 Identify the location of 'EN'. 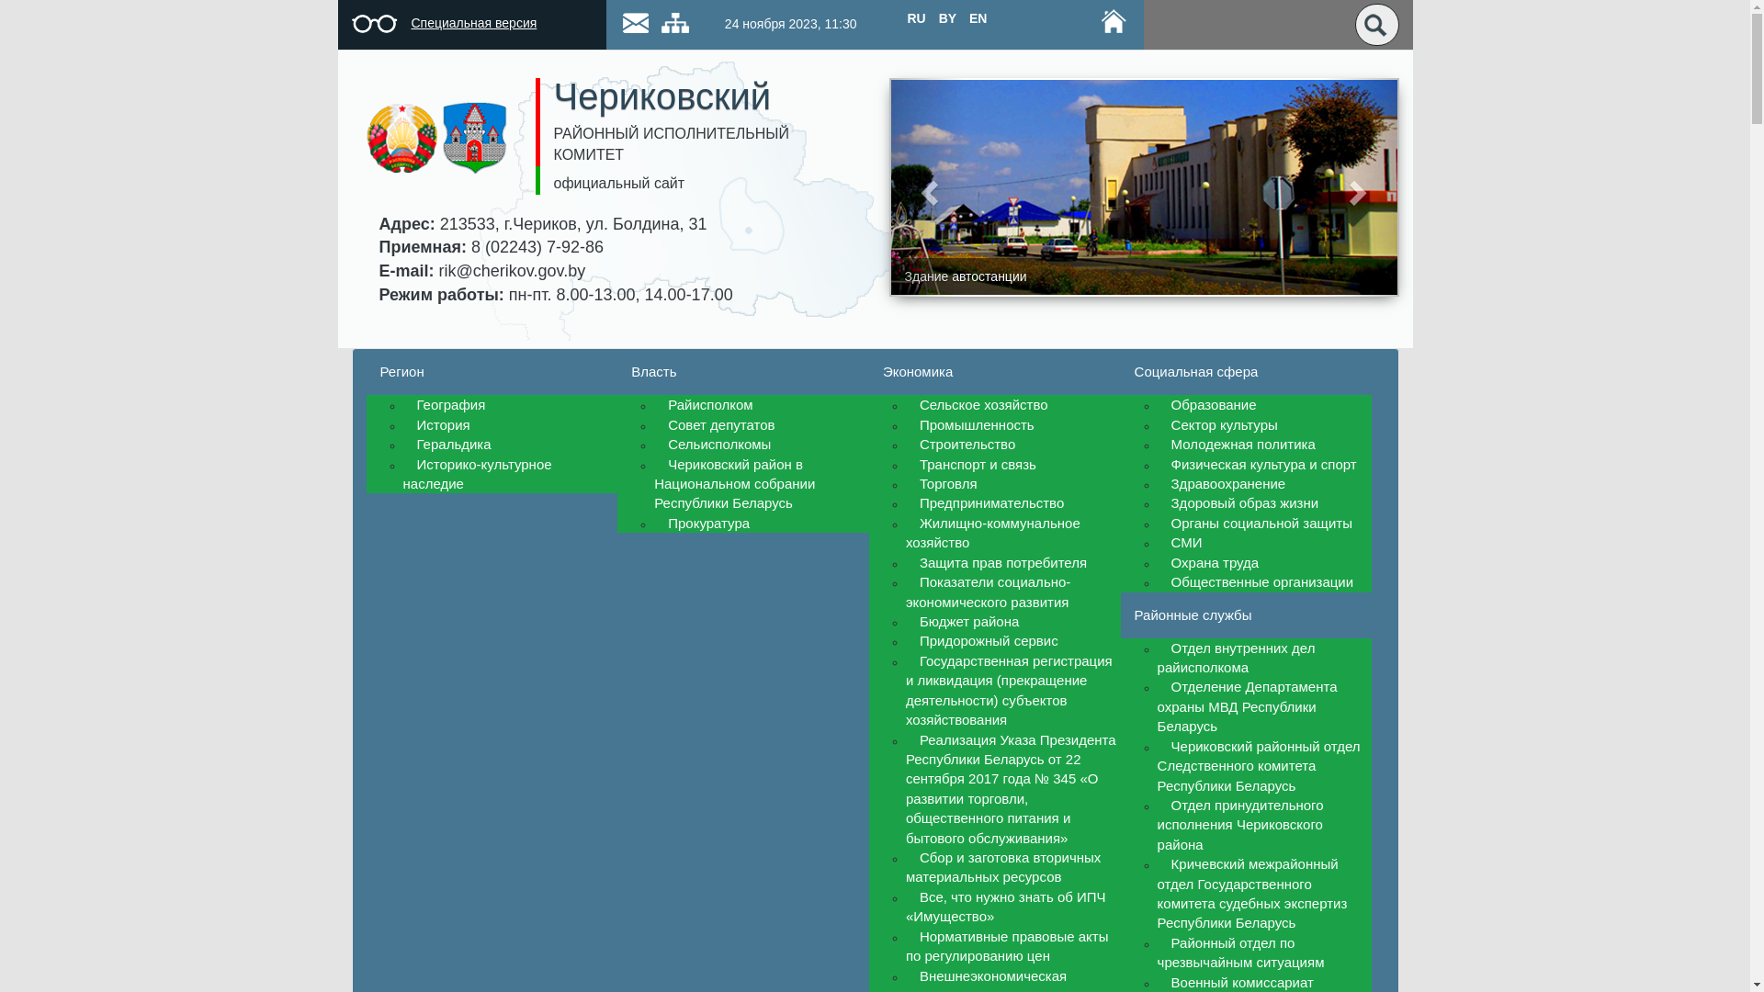
(977, 17).